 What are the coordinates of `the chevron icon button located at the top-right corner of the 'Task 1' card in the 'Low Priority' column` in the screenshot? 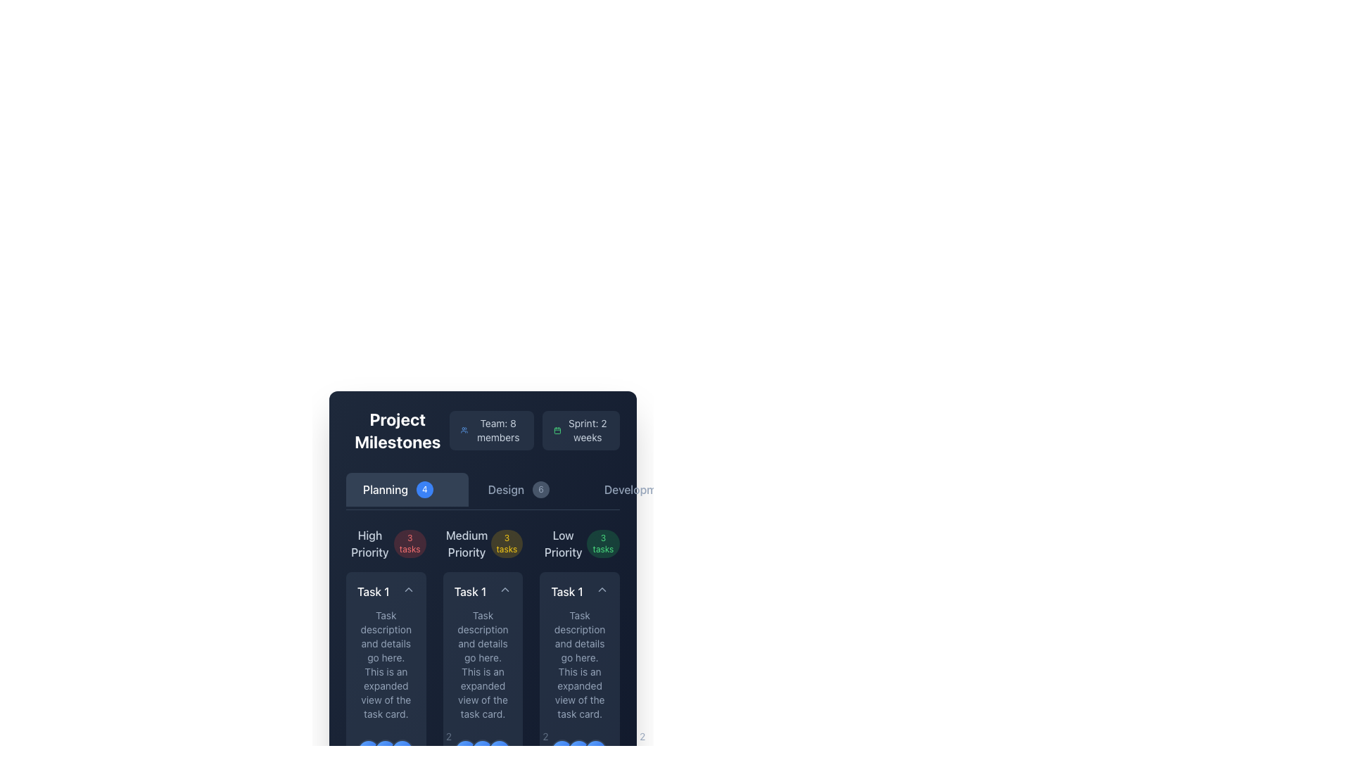 It's located at (602, 589).